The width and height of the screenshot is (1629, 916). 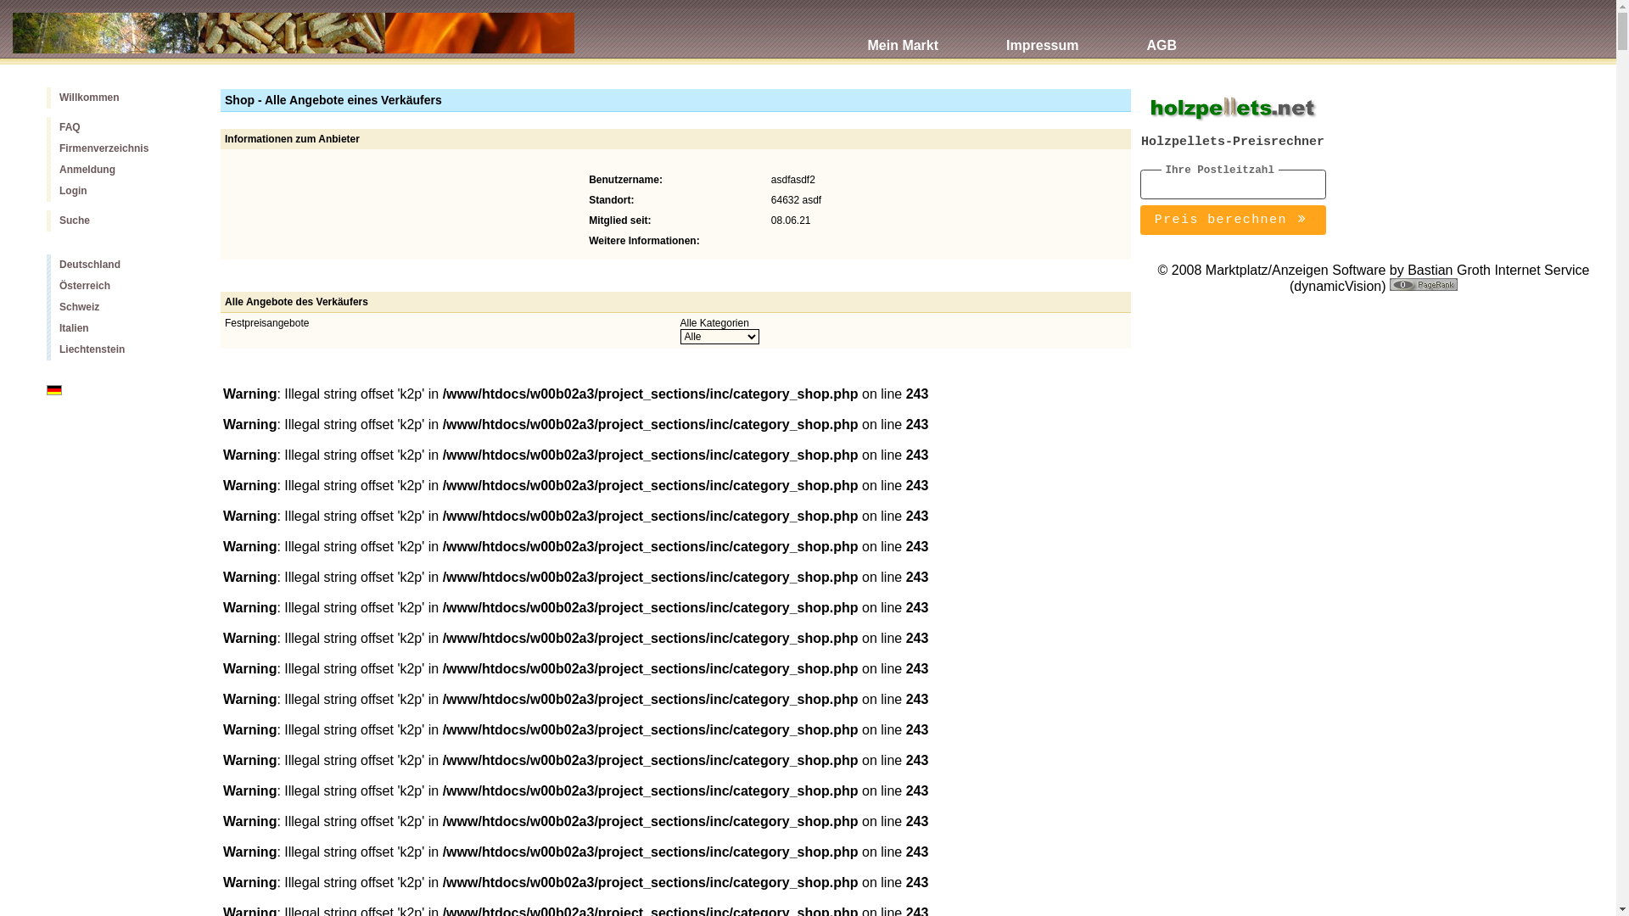 I want to click on 'Impressum', so click(x=1041, y=36).